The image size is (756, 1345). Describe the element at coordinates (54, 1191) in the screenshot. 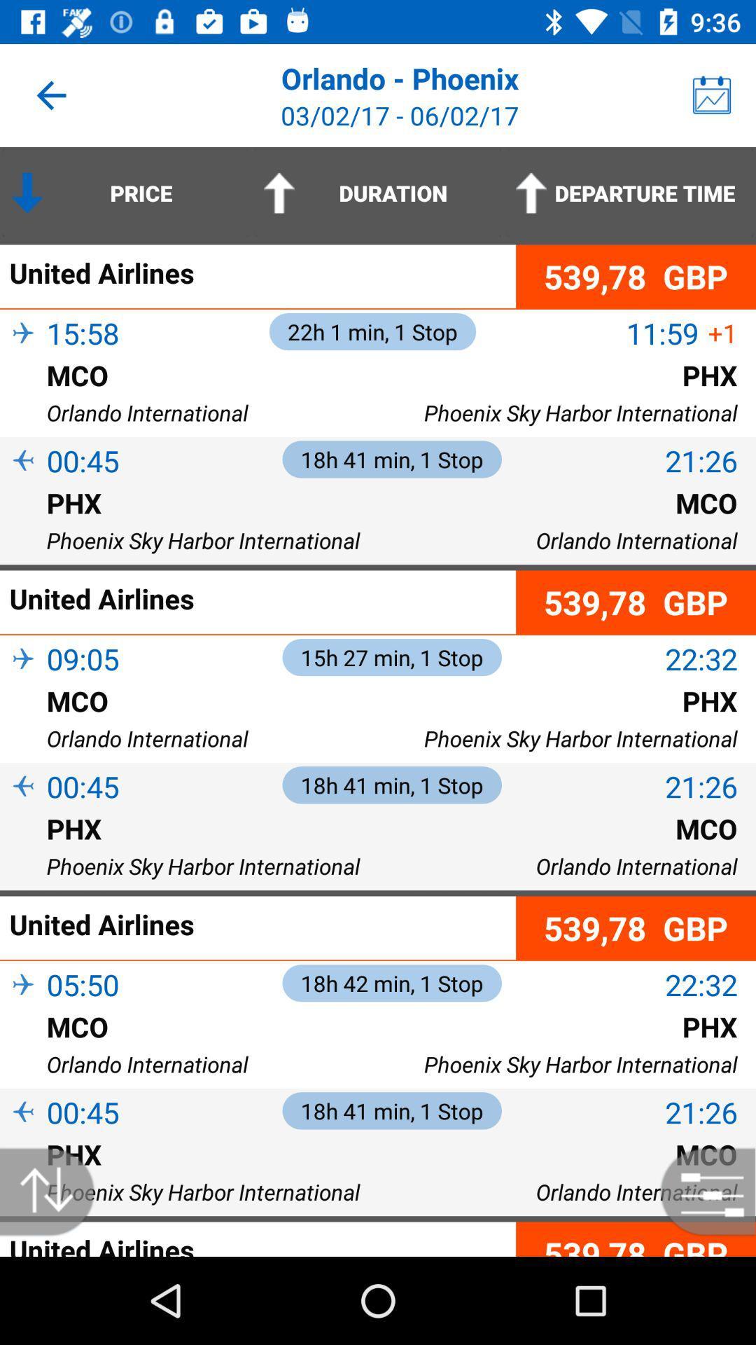

I see `reverse directions` at that location.